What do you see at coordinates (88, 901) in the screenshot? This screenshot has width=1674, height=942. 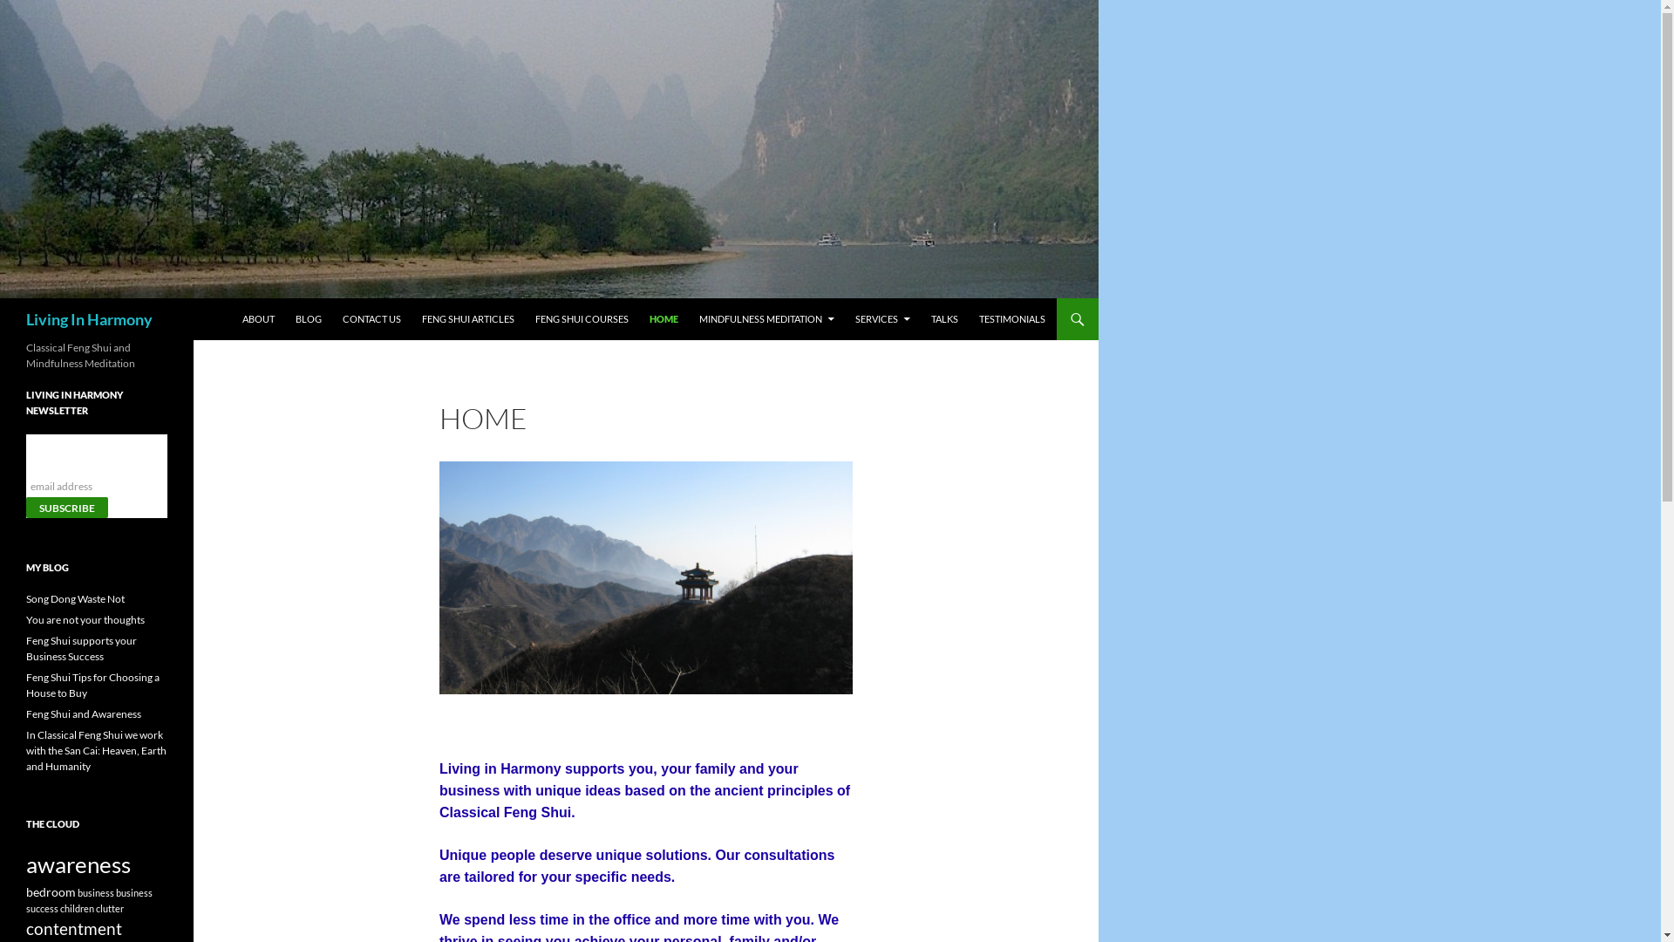 I see `'business success'` at bounding box center [88, 901].